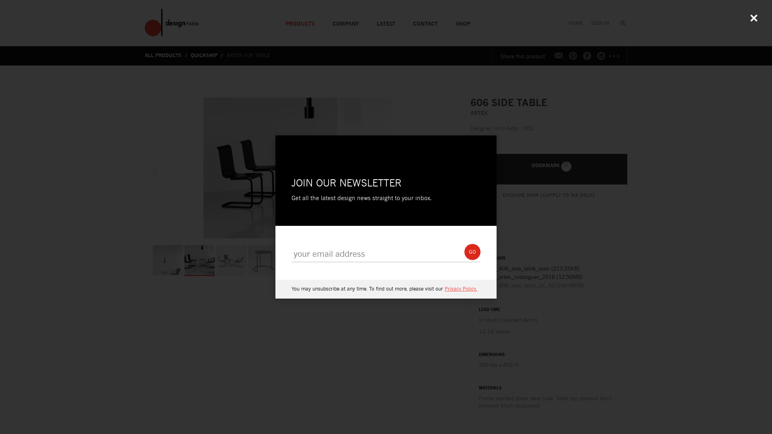 Image resolution: width=772 pixels, height=434 pixels. What do you see at coordinates (573, 55) in the screenshot?
I see `'Share this on Pinterest'` at bounding box center [573, 55].